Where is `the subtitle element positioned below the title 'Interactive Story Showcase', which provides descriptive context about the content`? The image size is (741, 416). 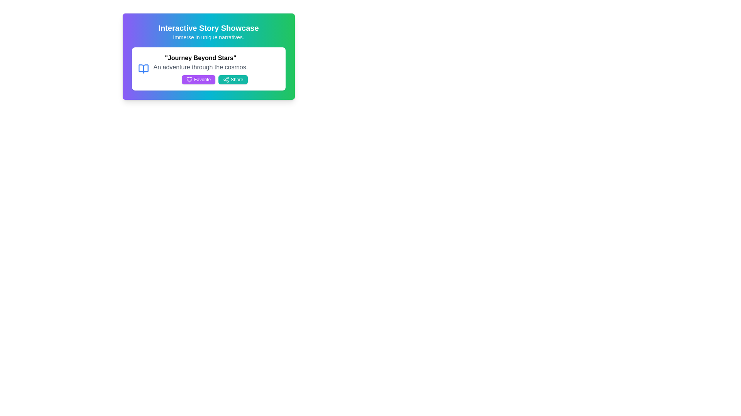
the subtitle element positioned below the title 'Interactive Story Showcase', which provides descriptive context about the content is located at coordinates (208, 37).